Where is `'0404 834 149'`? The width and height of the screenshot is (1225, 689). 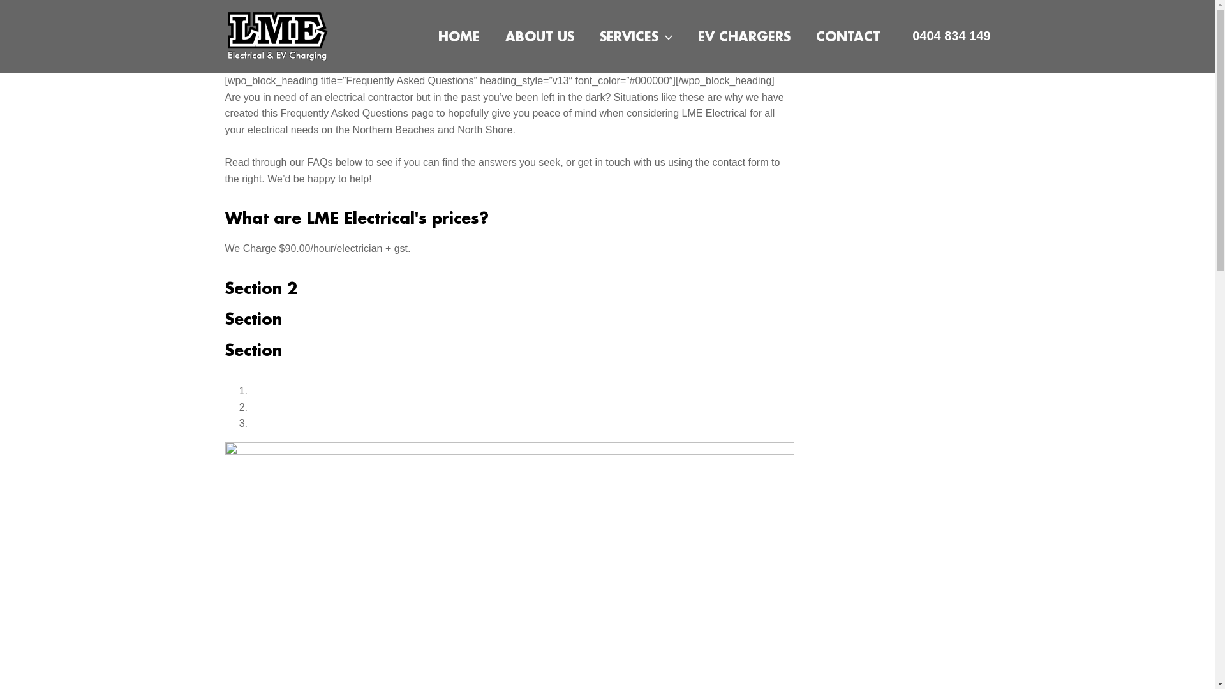
'0404 834 149' is located at coordinates (948, 35).